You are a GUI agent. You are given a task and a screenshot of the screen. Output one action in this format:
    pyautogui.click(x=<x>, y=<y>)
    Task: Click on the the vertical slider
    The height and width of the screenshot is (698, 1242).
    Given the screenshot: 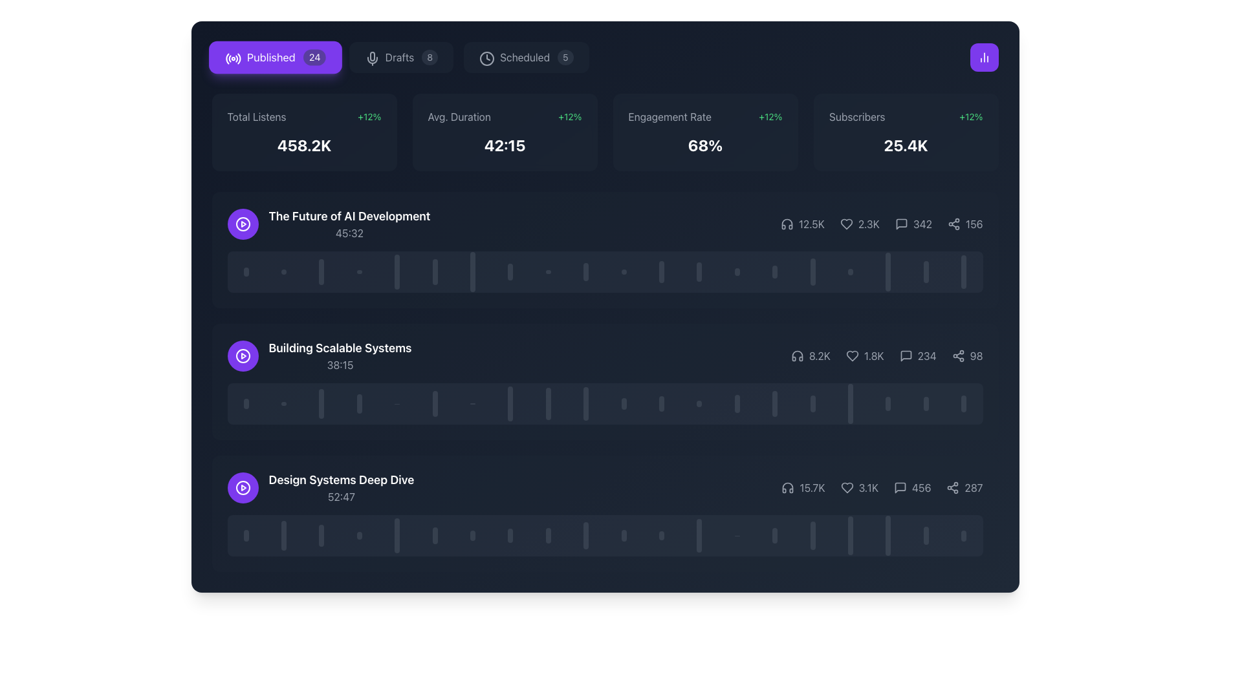 What is the action you would take?
    pyautogui.click(x=812, y=544)
    